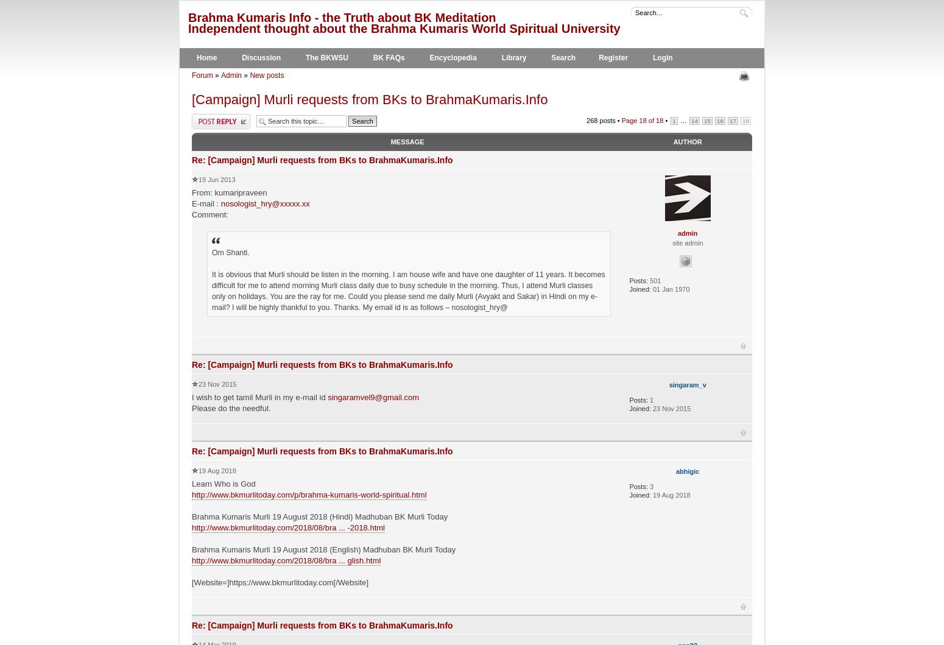 The image size is (944, 645). Describe the element at coordinates (652, 57) in the screenshot. I see `'Login'` at that location.